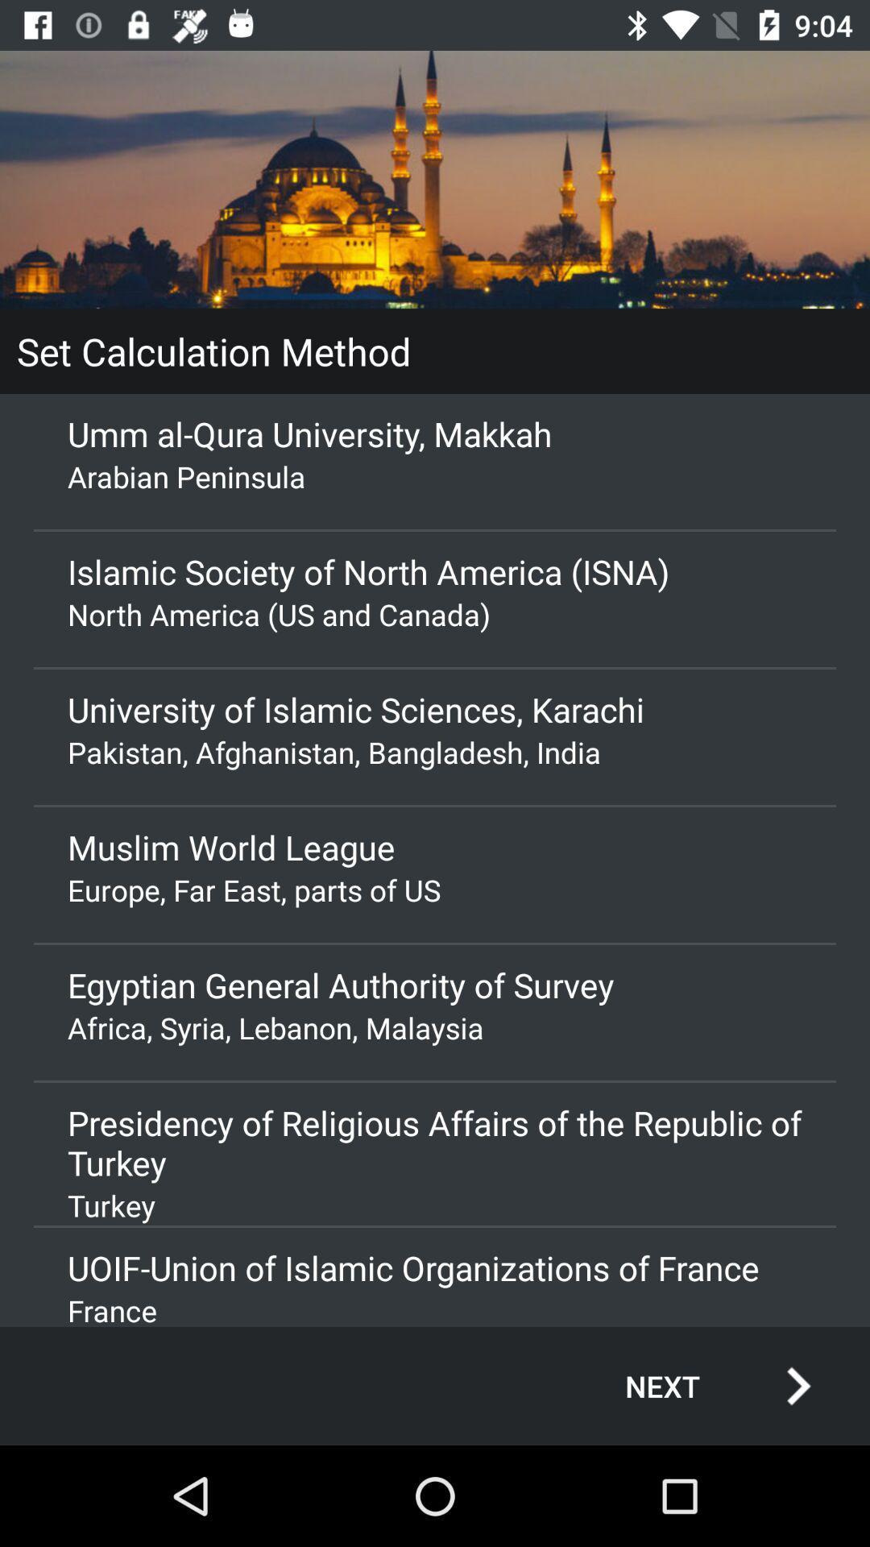 Image resolution: width=870 pixels, height=1547 pixels. Describe the element at coordinates (435, 475) in the screenshot. I see `the arabian peninsula item` at that location.